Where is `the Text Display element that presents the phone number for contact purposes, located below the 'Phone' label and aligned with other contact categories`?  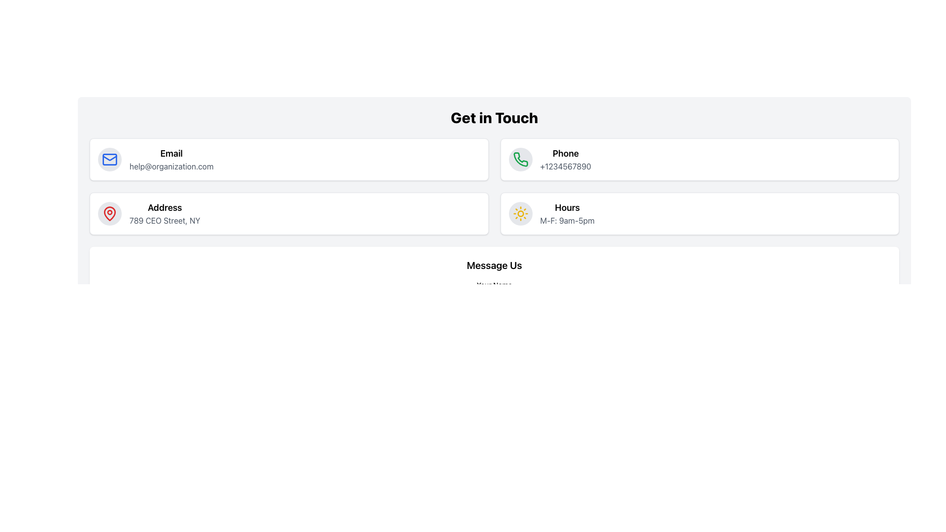 the Text Display element that presents the phone number for contact purposes, located below the 'Phone' label and aligned with other contact categories is located at coordinates (566, 166).